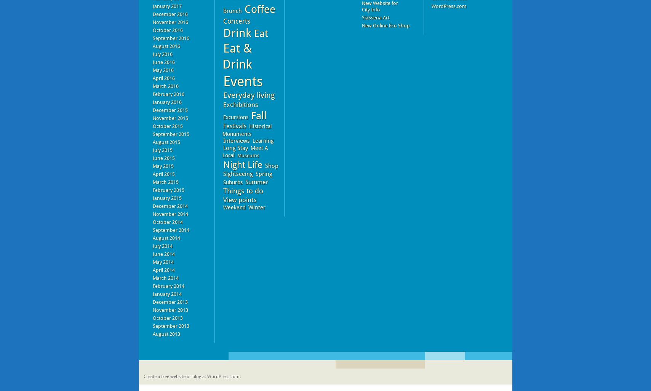 This screenshot has height=391, width=651. I want to click on 'Suburbs', so click(223, 182).